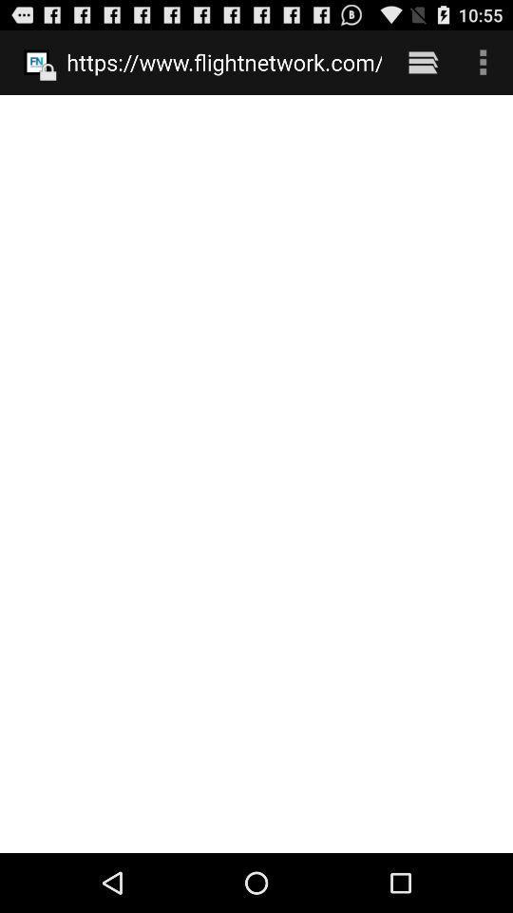 The image size is (513, 913). Describe the element at coordinates (223, 62) in the screenshot. I see `the icon at the top` at that location.